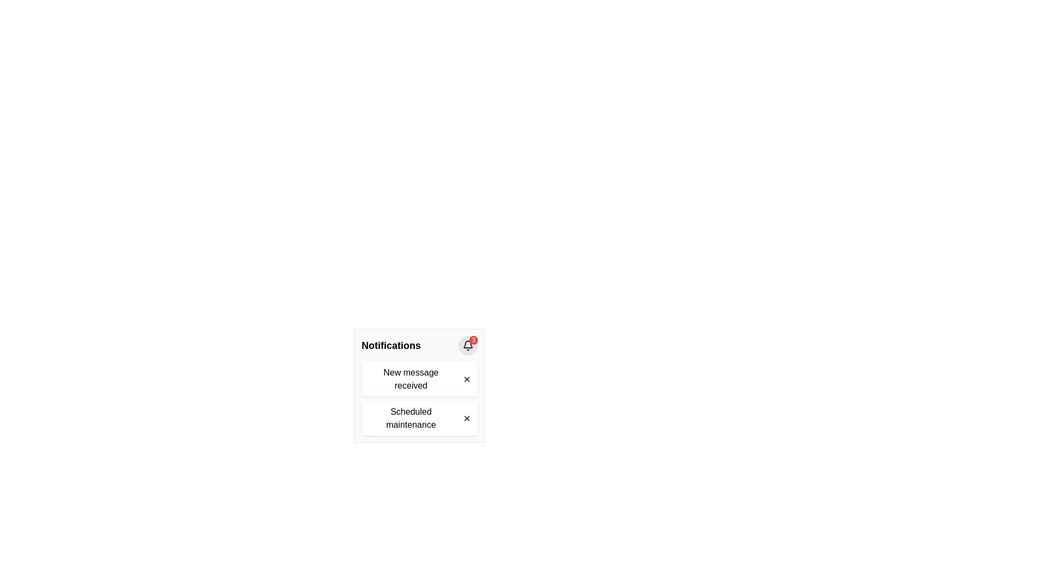 The width and height of the screenshot is (1044, 587). What do you see at coordinates (468, 346) in the screenshot?
I see `the bell-shaped icon in the notifications panel` at bounding box center [468, 346].